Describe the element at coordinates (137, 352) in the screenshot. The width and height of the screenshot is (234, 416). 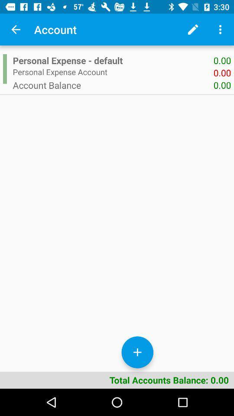
I see `the add icon` at that location.